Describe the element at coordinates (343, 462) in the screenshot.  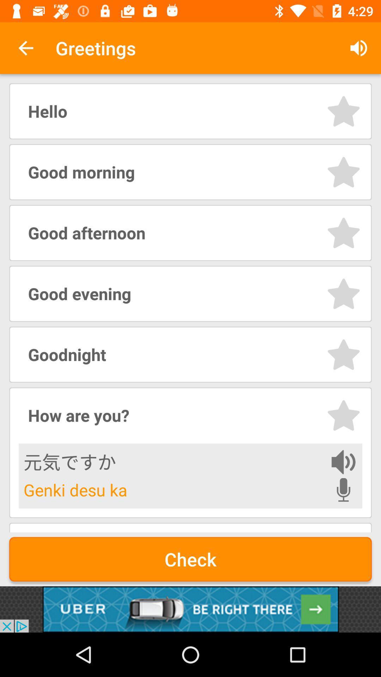
I see `listen to the pronunciation of the phrase` at that location.